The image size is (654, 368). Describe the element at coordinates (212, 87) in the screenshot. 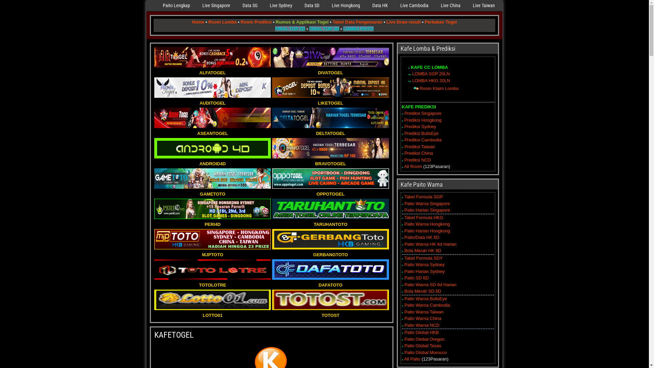

I see `'Bandar Judi Online Terpercaya AUDITOGEL'` at that location.